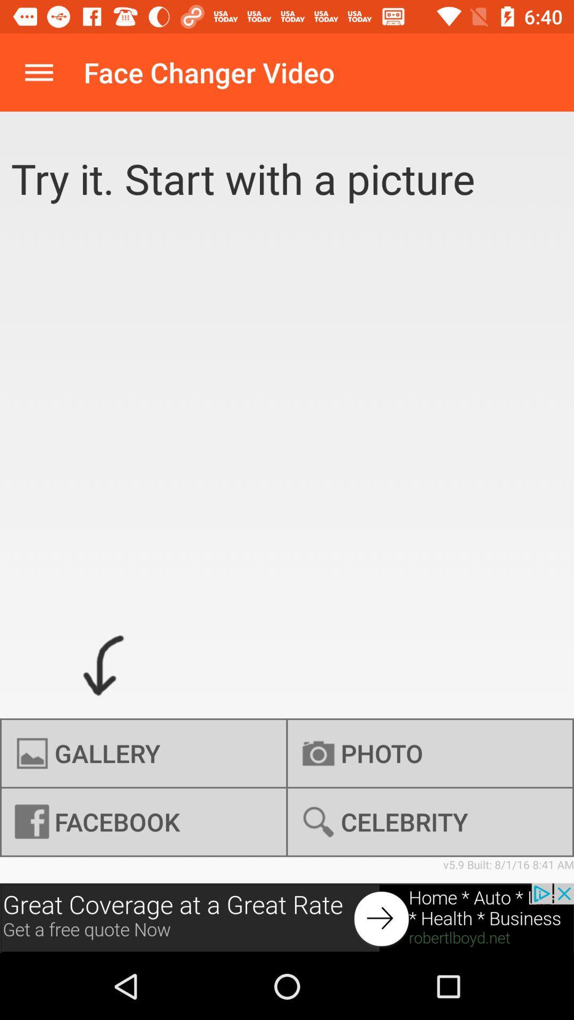  What do you see at coordinates (38, 72) in the screenshot?
I see `open menu` at bounding box center [38, 72].